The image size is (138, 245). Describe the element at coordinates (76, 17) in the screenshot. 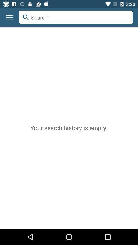

I see `search bar` at that location.